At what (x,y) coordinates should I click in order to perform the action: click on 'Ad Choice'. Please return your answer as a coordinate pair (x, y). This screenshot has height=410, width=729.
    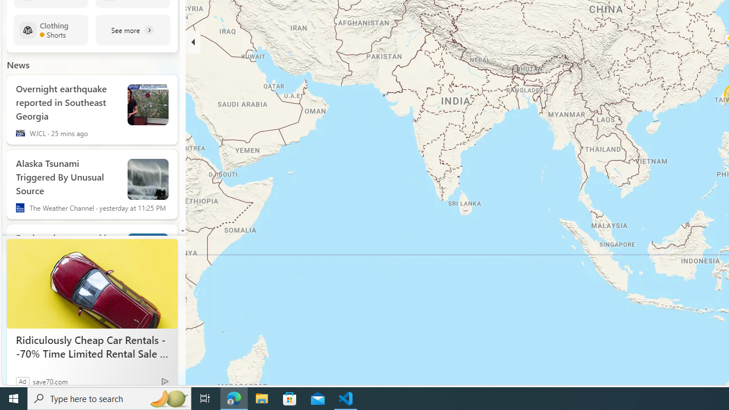
    Looking at the image, I should click on (164, 381).